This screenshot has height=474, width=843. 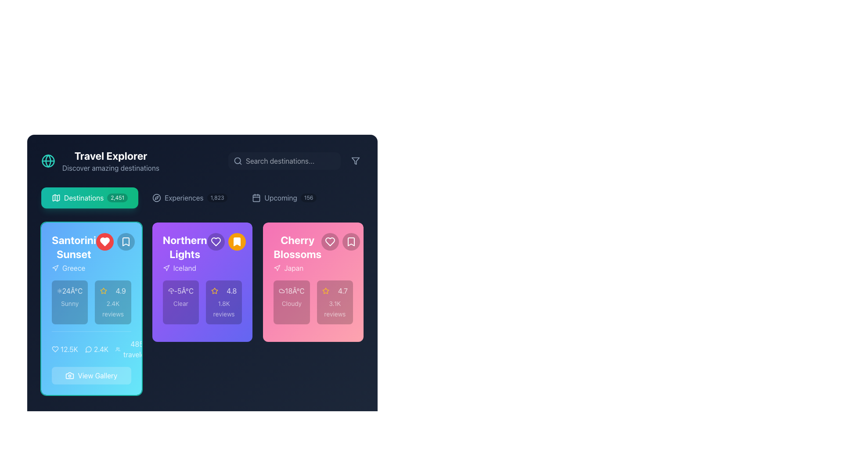 What do you see at coordinates (74, 267) in the screenshot?
I see `the static text label displaying the country associated with the 'Santorini Sunset' destination, located at the bottom left of the 'Santorini Sunset' card` at bounding box center [74, 267].